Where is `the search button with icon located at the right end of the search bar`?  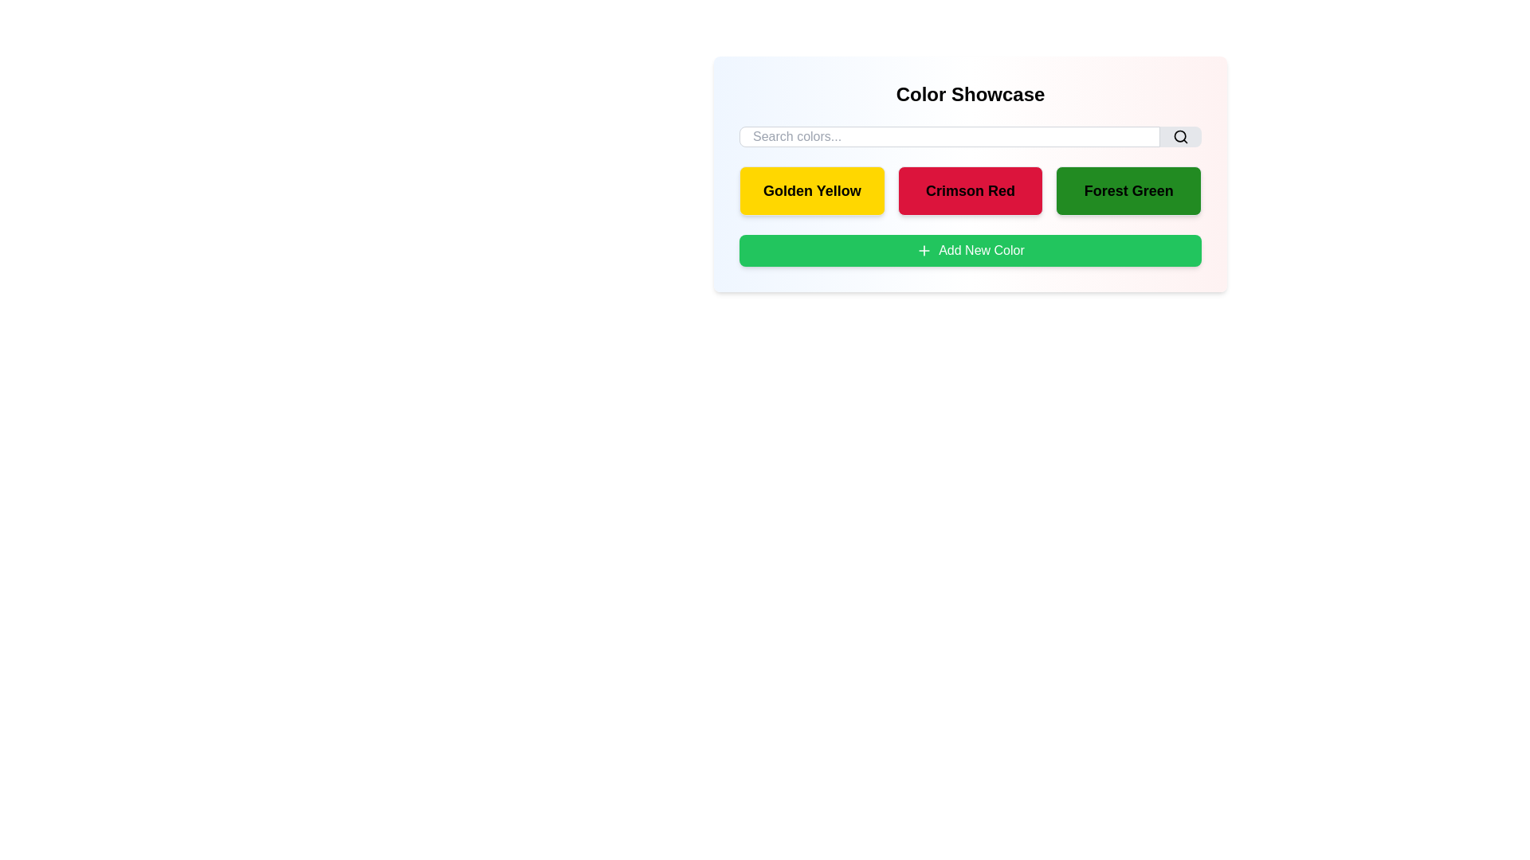
the search button with icon located at the right end of the search bar is located at coordinates (1181, 136).